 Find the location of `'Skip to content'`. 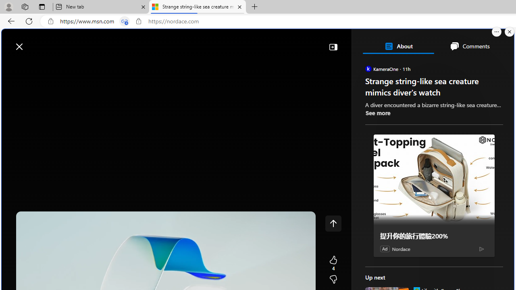

'Skip to content' is located at coordinates (35, 42).